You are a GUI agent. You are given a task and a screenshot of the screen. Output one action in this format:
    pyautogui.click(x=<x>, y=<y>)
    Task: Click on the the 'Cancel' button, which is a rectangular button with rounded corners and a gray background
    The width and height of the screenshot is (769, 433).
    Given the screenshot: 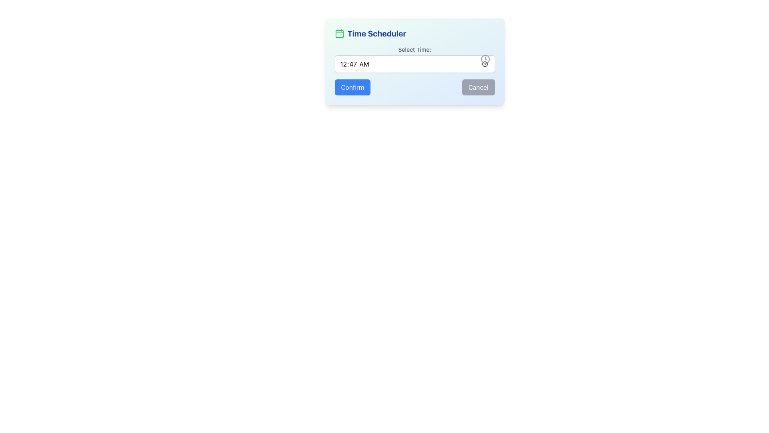 What is the action you would take?
    pyautogui.click(x=478, y=87)
    